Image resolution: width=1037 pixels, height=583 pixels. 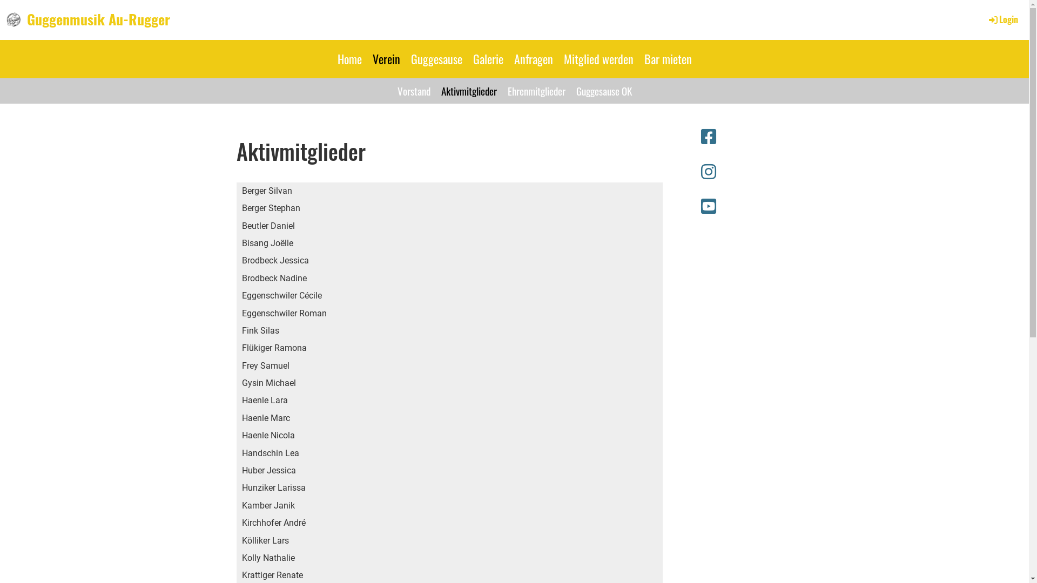 I want to click on 'Mitglied werden', so click(x=598, y=59).